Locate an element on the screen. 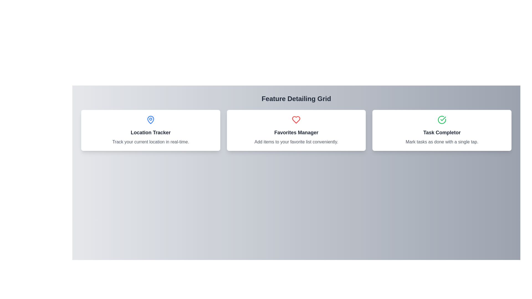  descriptive text about the 'Location Tracker' feature, which is located within the card component labeled 'Location Tracker', positioned beneath the title text and above the lower edge of the card is located at coordinates (150, 142).